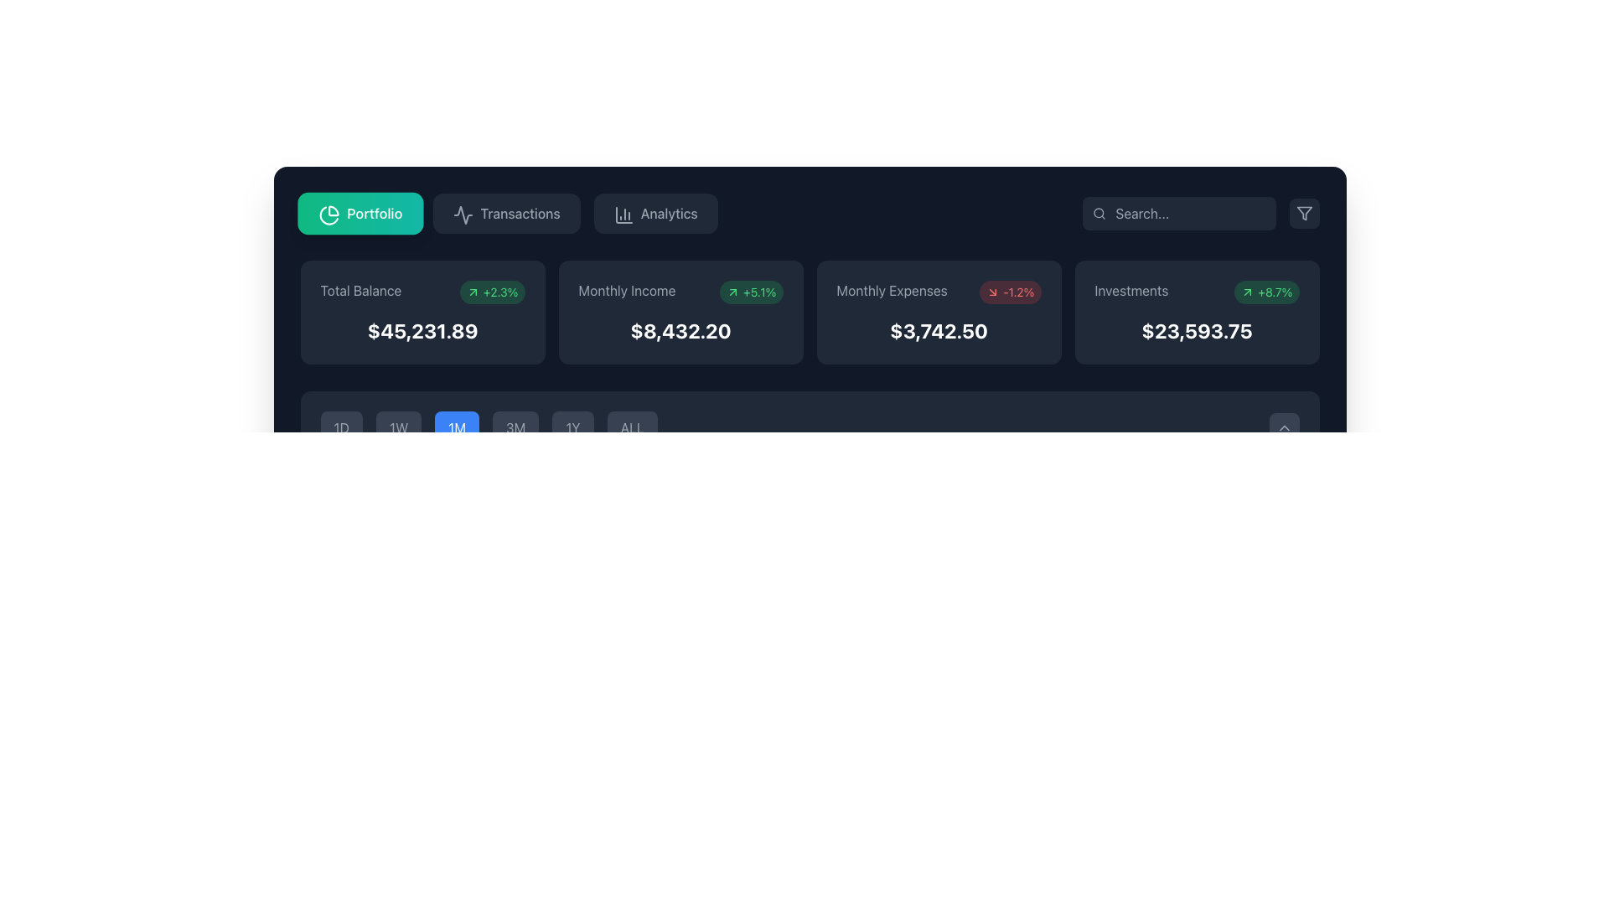 The width and height of the screenshot is (1609, 905). I want to click on the investment overview data card component, which is the fourth item in a grid layout of four, so click(1196, 313).